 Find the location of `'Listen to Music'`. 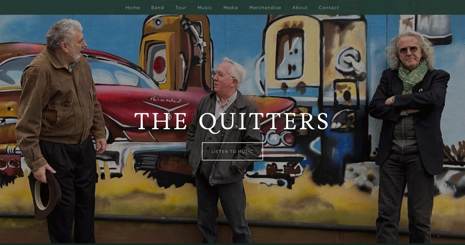

'Listen to Music' is located at coordinates (232, 151).